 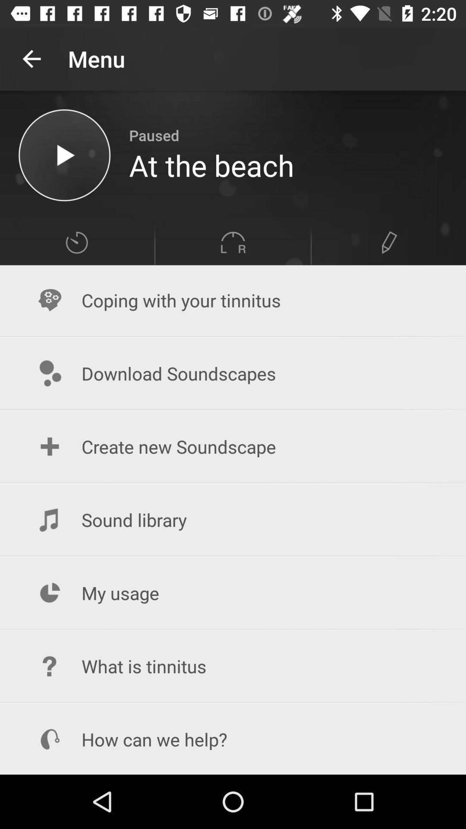 What do you see at coordinates (76, 242) in the screenshot?
I see `change speed` at bounding box center [76, 242].